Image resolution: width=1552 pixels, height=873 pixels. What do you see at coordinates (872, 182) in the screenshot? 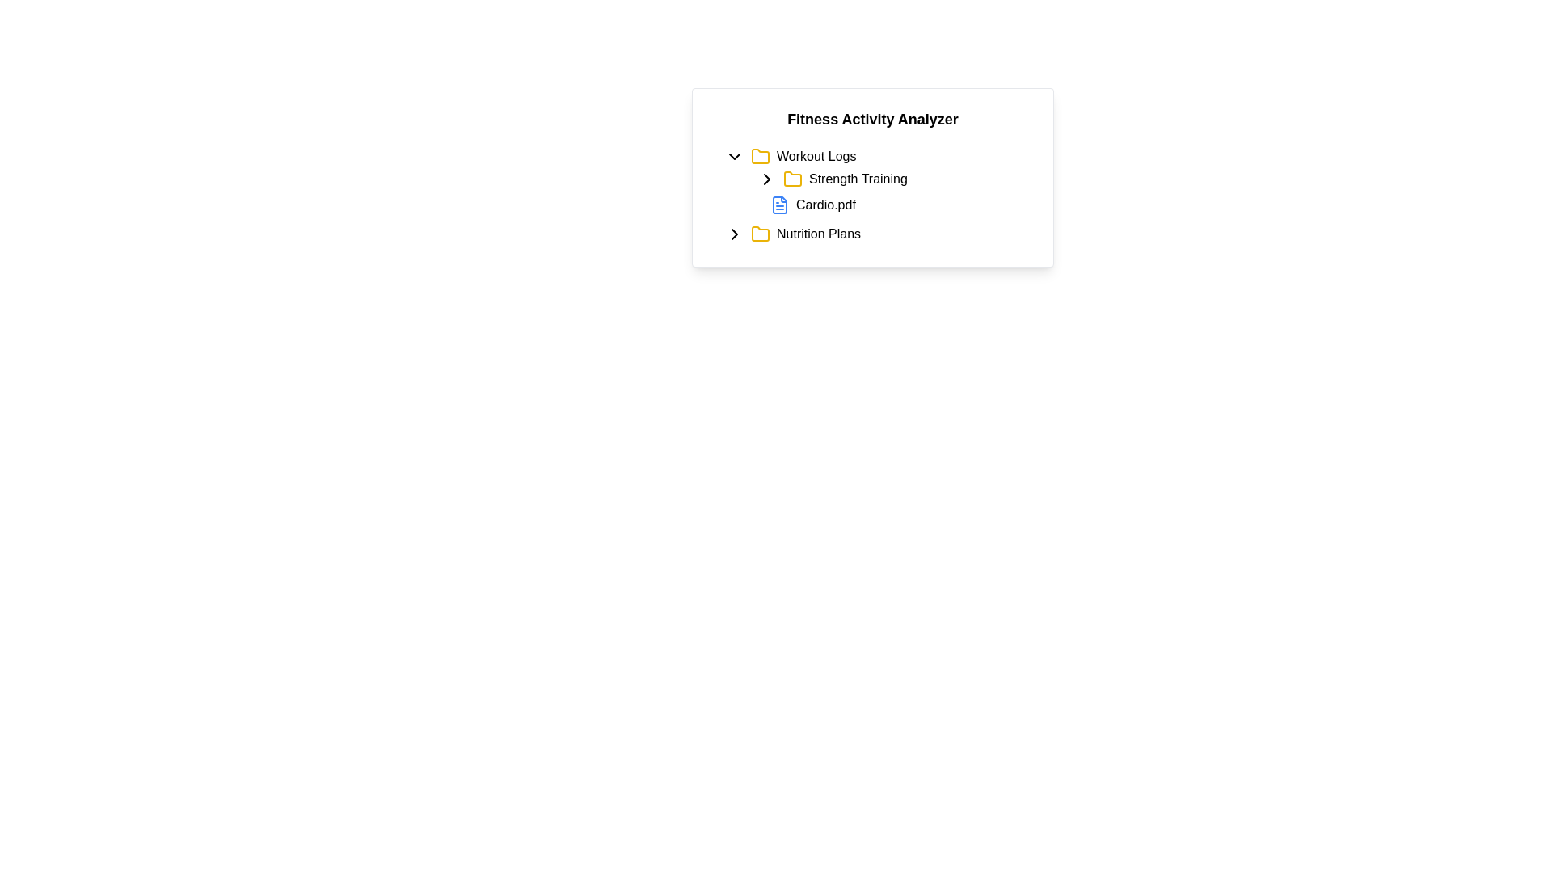
I see `the 'Strength Training' text item in the navigation tree` at bounding box center [872, 182].